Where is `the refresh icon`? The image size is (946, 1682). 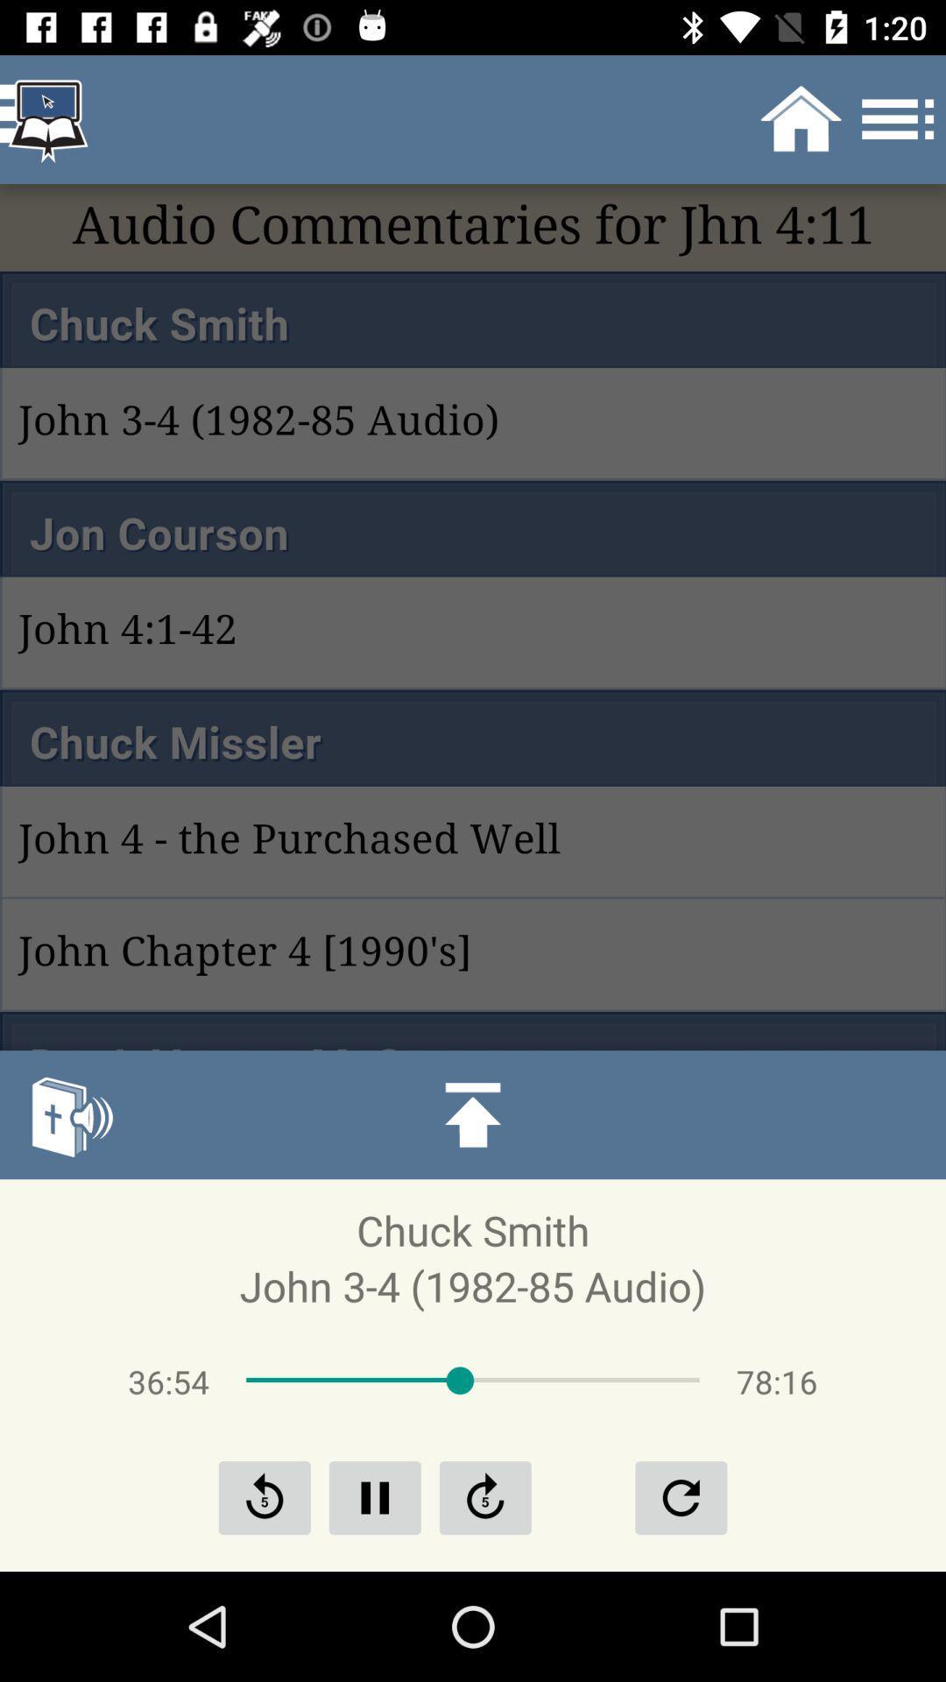
the refresh icon is located at coordinates (680, 1496).